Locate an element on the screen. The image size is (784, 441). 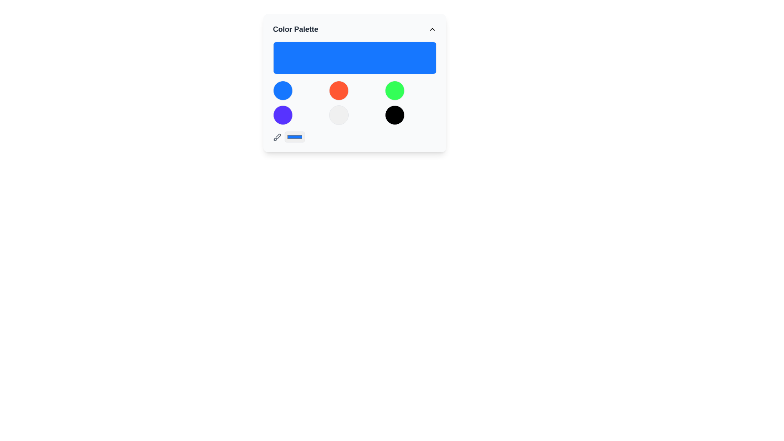
the circular orange button located in the second column of the first row of the grid layout is located at coordinates (339, 91).